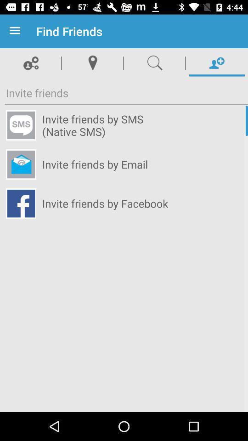  Describe the element at coordinates (17, 31) in the screenshot. I see `icon next to find friends app` at that location.